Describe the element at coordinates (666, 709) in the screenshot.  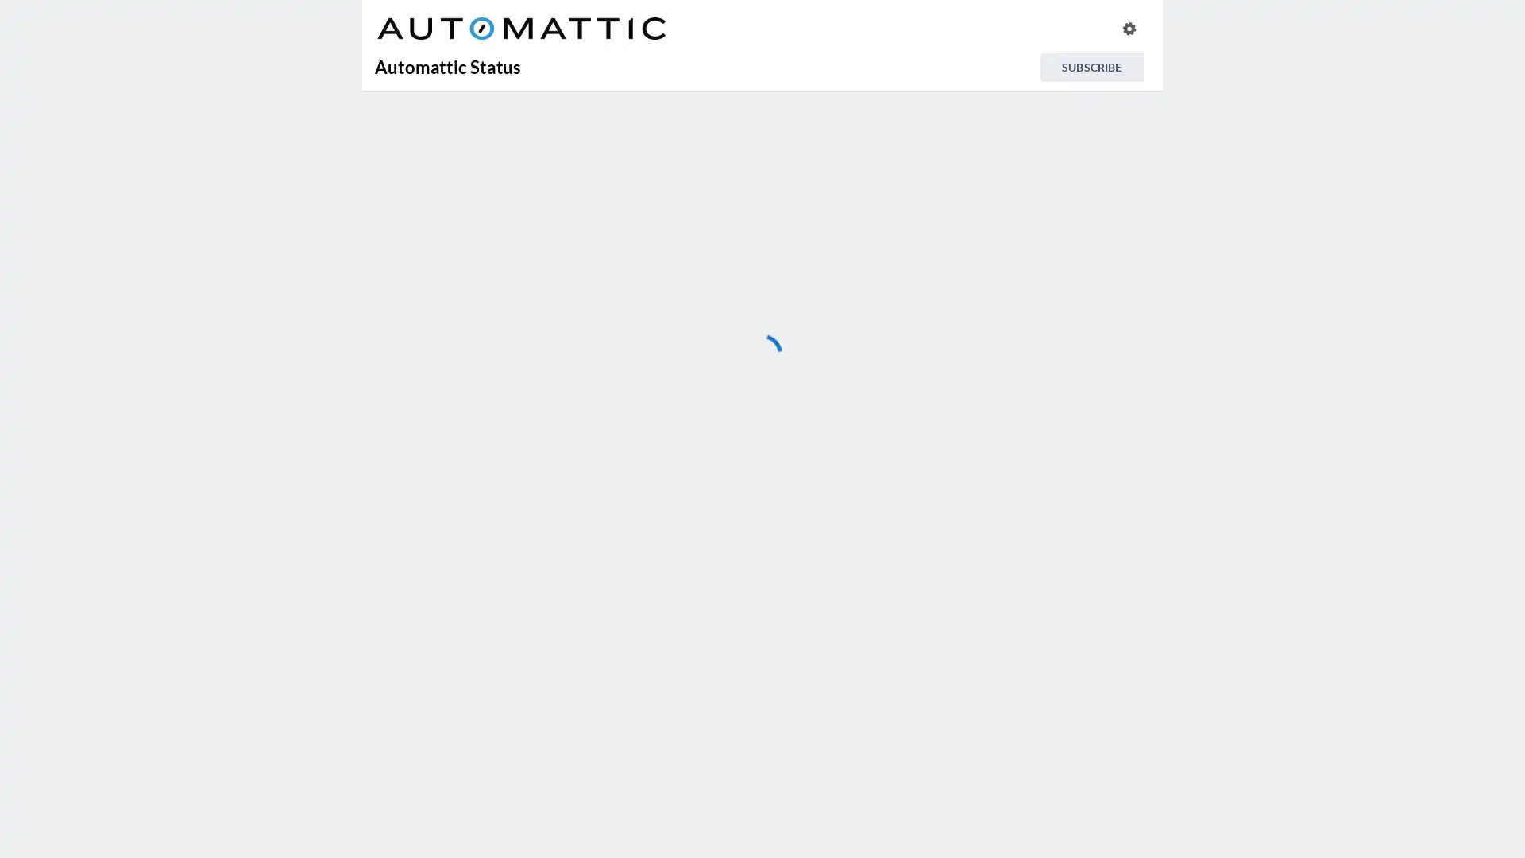
I see `Parse.ly Dashboard Response Time : 3.55 s` at that location.